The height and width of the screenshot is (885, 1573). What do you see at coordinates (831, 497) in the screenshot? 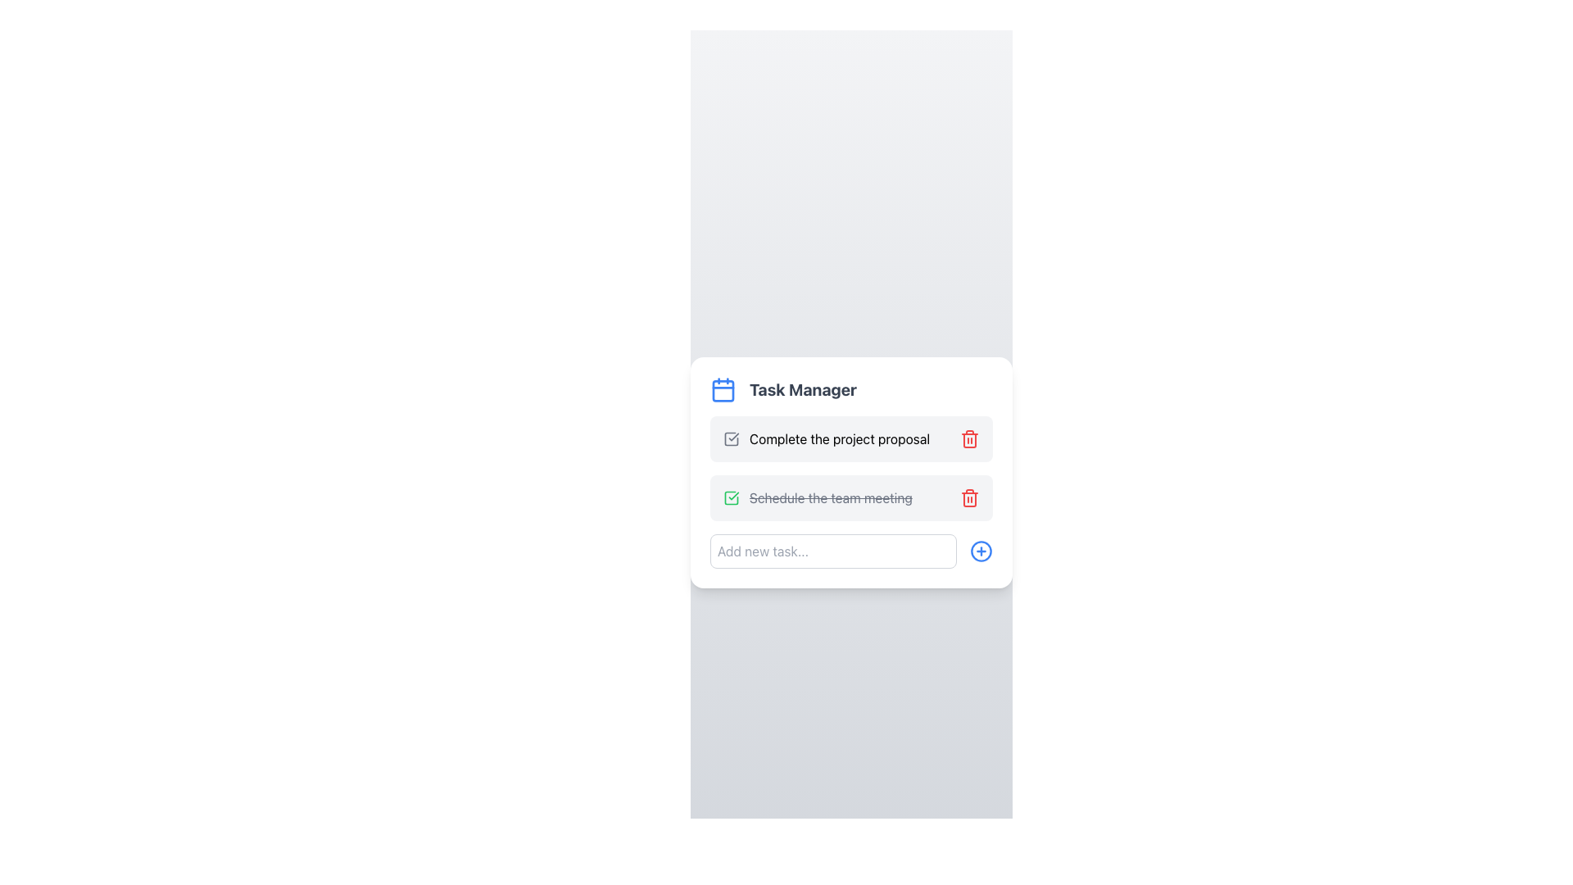
I see `the text label that says 'Schedule the team meeting', which is styled with a strikethrough and gray color, indicating it is a completed task in the Task Manager section` at bounding box center [831, 497].